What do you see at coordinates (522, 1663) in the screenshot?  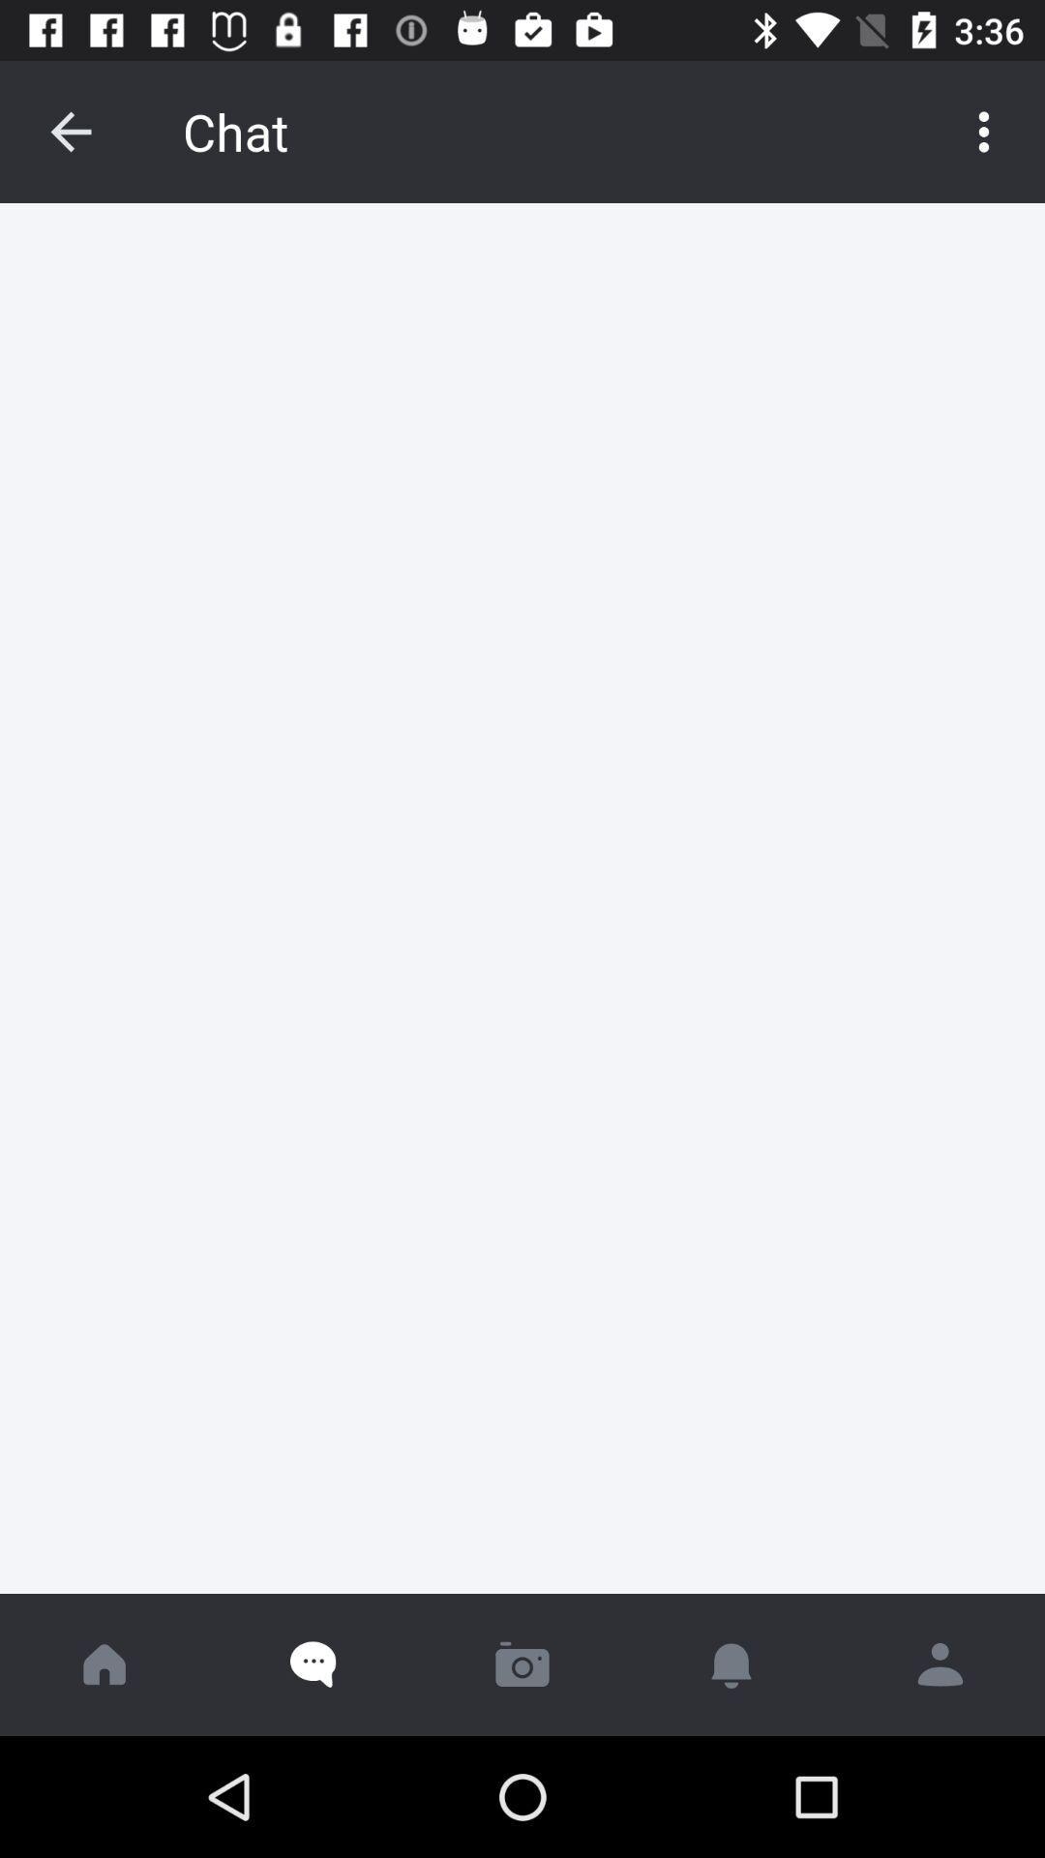 I see `use camera` at bounding box center [522, 1663].